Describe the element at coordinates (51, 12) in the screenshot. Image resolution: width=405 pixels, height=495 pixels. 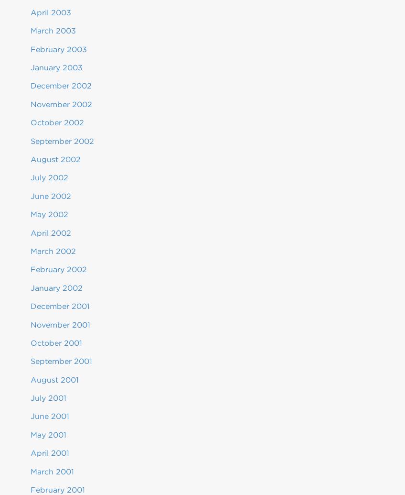
I see `'April 2003'` at that location.